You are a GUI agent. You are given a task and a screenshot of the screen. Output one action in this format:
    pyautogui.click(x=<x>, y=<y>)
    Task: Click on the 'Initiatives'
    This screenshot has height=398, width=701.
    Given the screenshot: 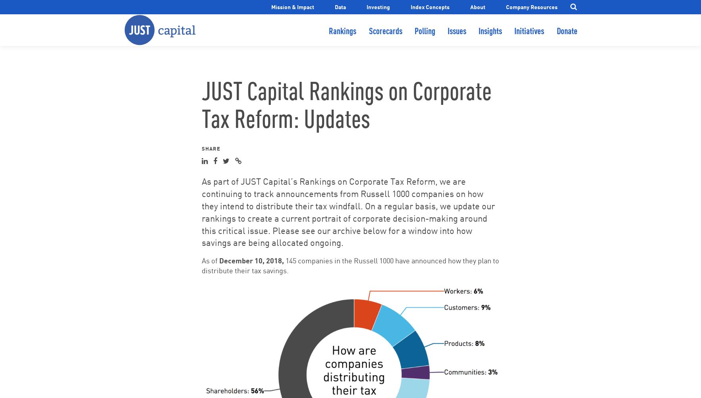 What is the action you would take?
    pyautogui.click(x=514, y=37)
    